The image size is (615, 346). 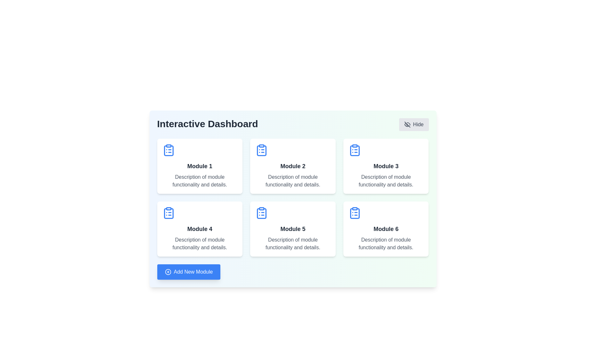 I want to click on the clipboard icon located in the fifth module card of the second row, directly above the text 'Module 5', so click(x=262, y=213).